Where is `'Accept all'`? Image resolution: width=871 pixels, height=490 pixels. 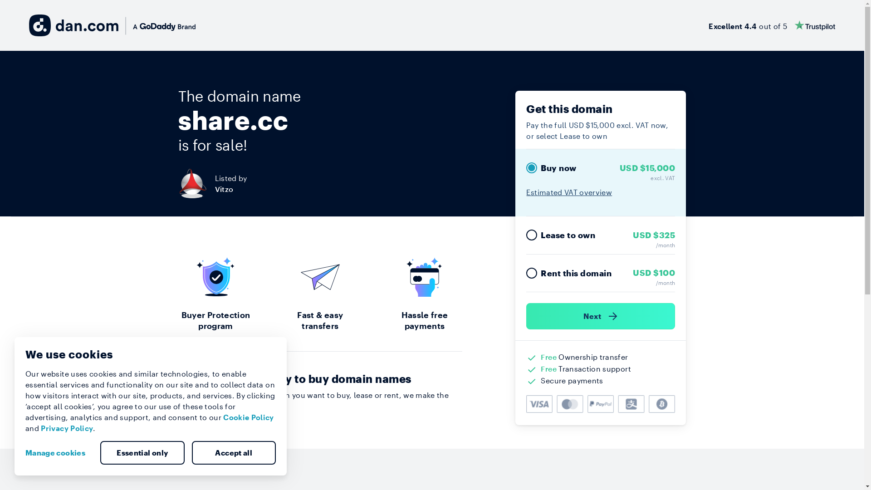
'Accept all' is located at coordinates (233, 453).